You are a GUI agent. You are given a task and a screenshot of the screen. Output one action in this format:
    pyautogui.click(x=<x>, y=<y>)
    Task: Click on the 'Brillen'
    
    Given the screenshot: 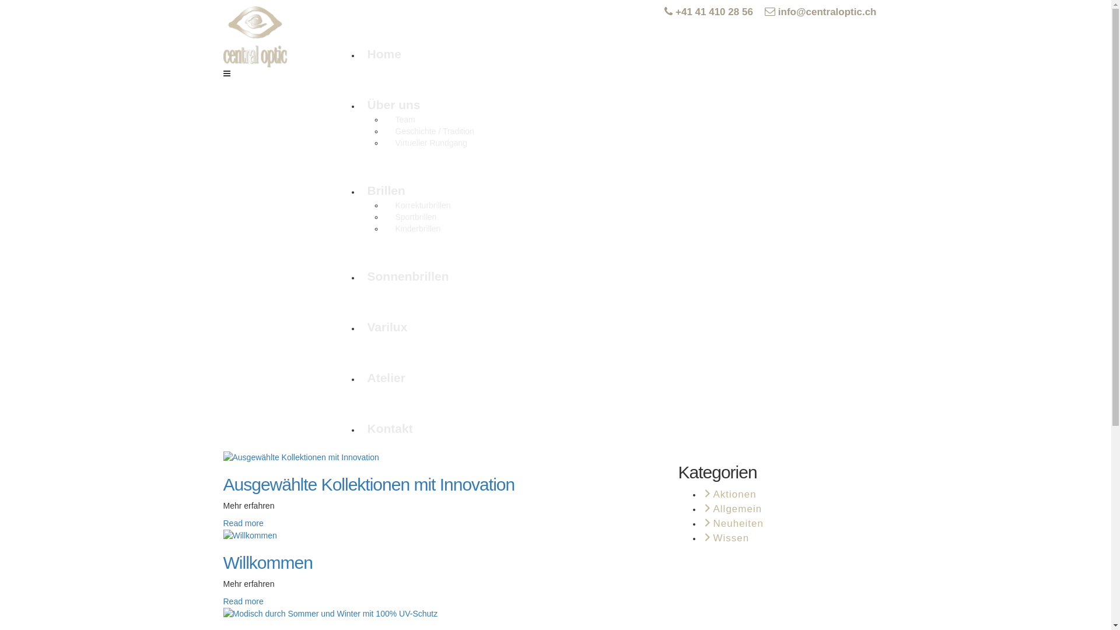 What is the action you would take?
    pyautogui.click(x=386, y=190)
    